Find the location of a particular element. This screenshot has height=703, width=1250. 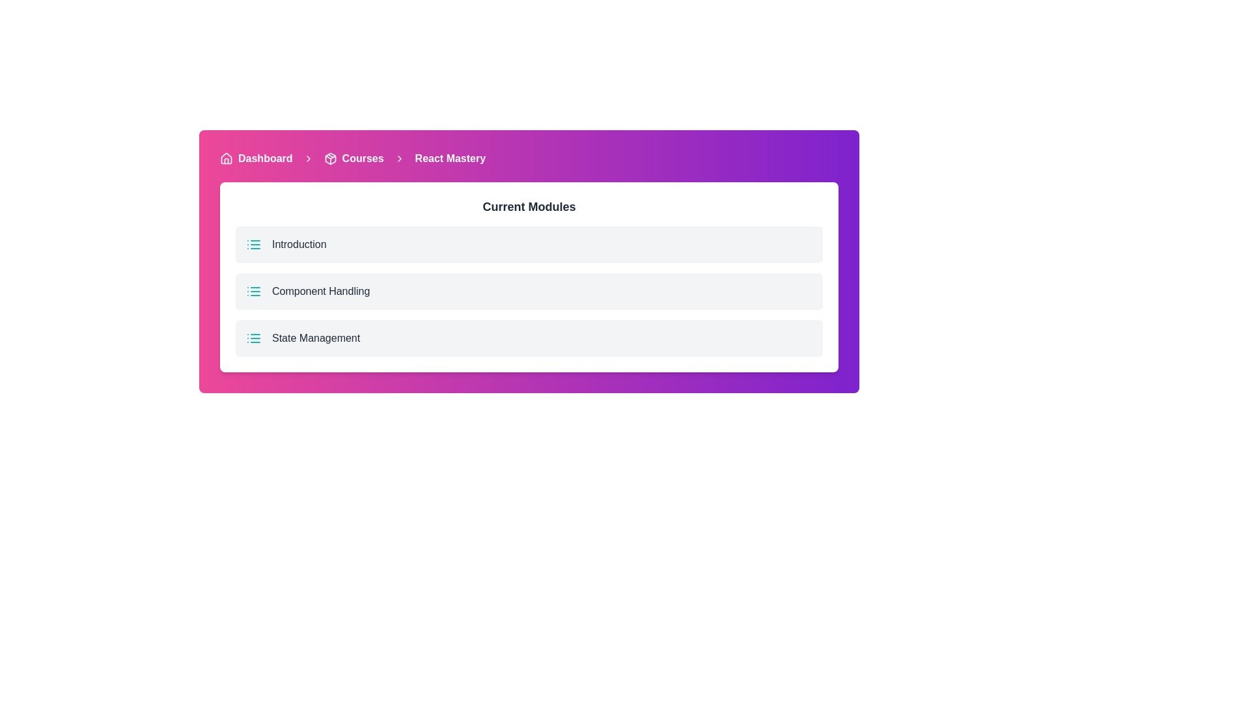

the current page indicator text label in the breadcrumb navigation, which is positioned as the last item next to 'Dashboard' and 'Courses' is located at coordinates (450, 158).